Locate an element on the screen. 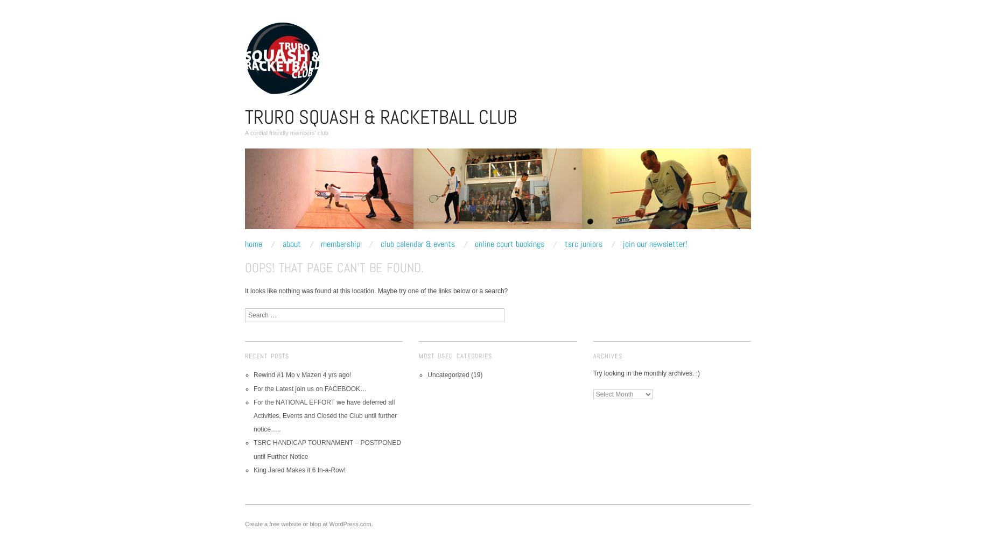  'Archives' is located at coordinates (606, 356).